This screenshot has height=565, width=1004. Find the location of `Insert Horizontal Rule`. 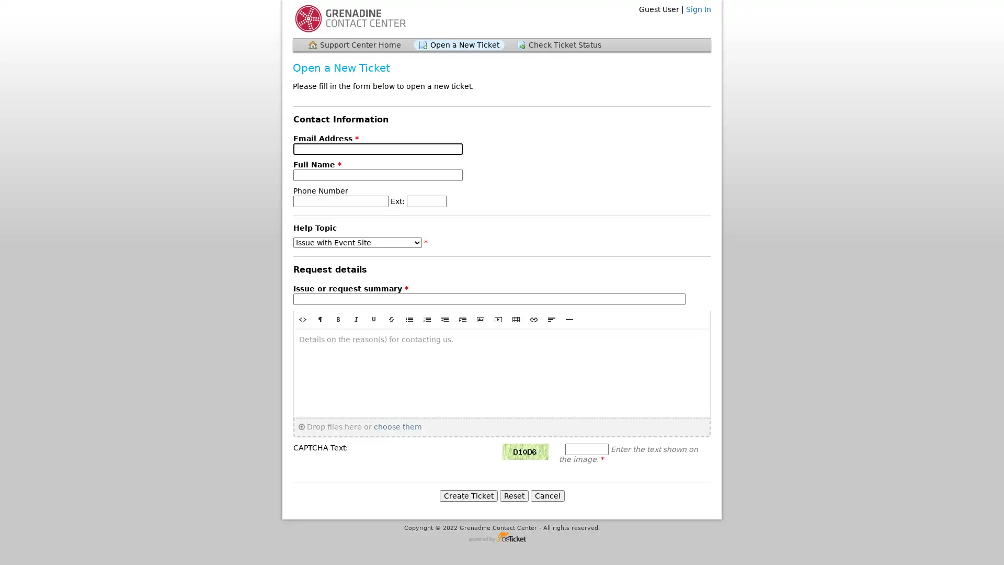

Insert Horizontal Rule is located at coordinates (569, 319).